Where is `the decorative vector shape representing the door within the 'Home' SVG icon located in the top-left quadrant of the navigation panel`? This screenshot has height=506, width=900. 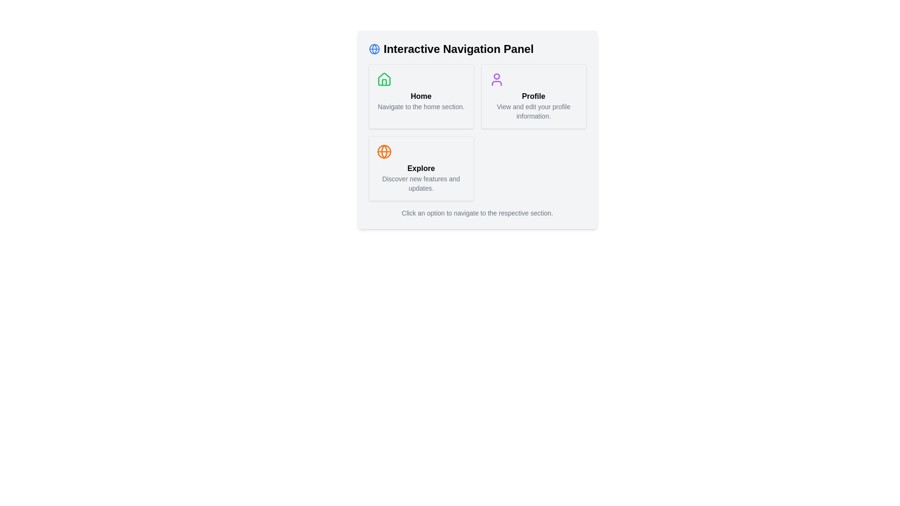
the decorative vector shape representing the door within the 'Home' SVG icon located in the top-left quadrant of the navigation panel is located at coordinates (384, 82).